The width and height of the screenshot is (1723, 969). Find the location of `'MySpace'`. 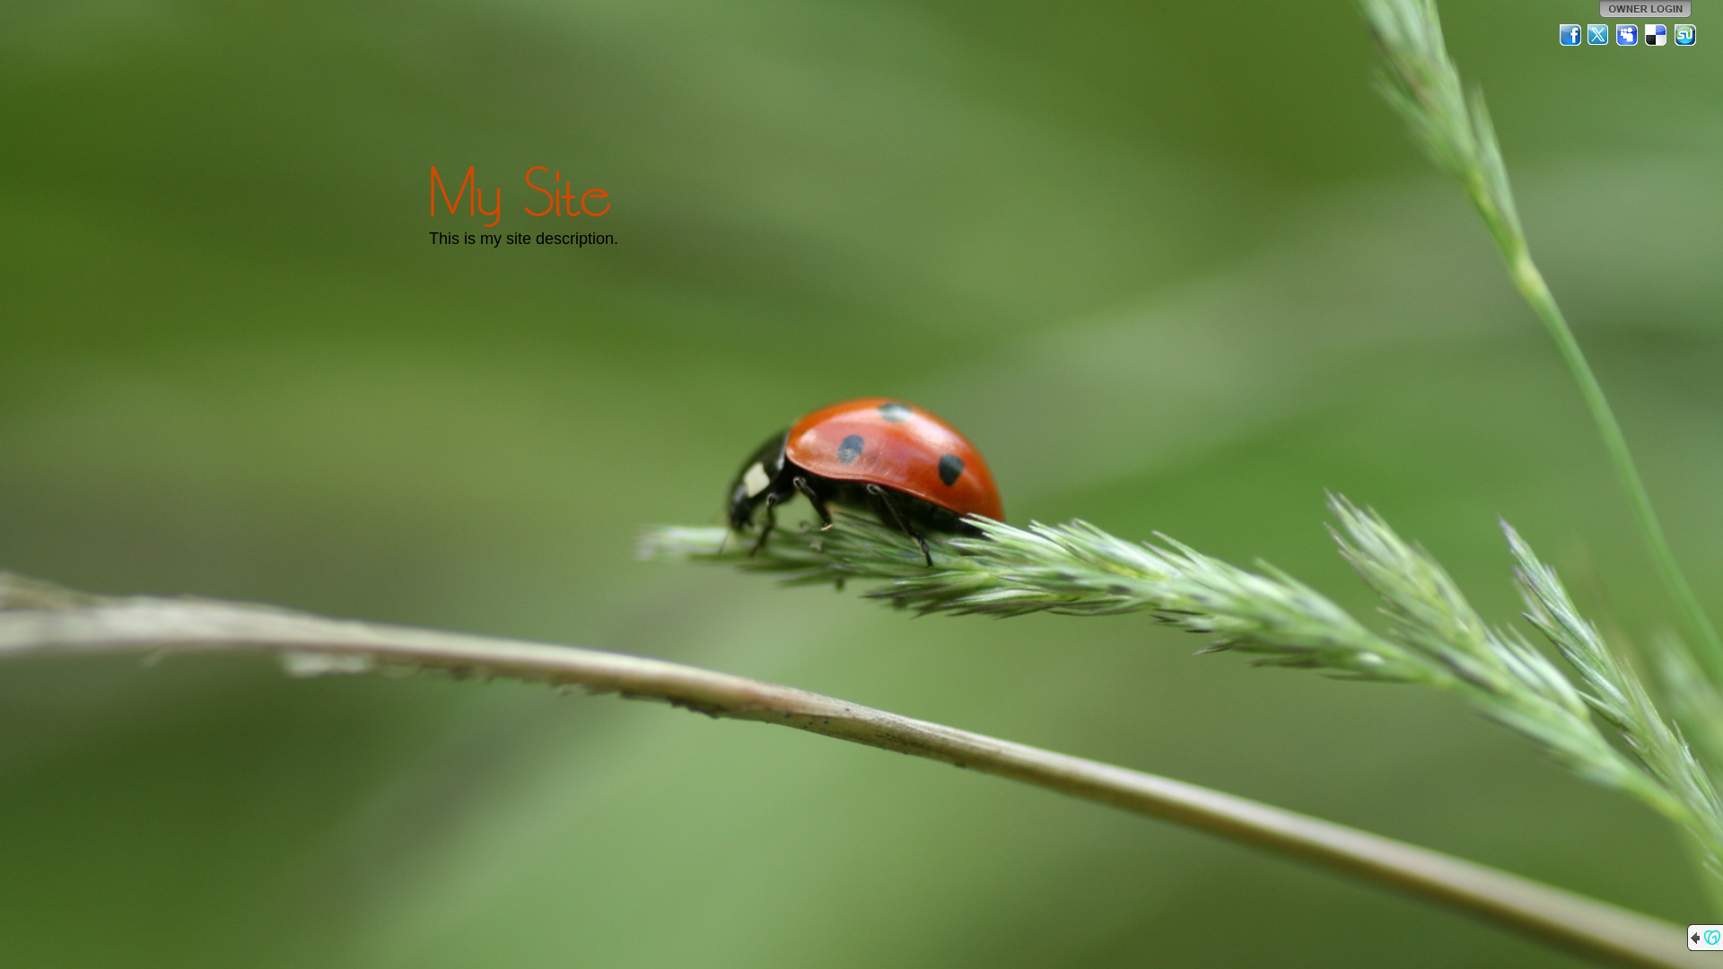

'MySpace' is located at coordinates (1615, 34).